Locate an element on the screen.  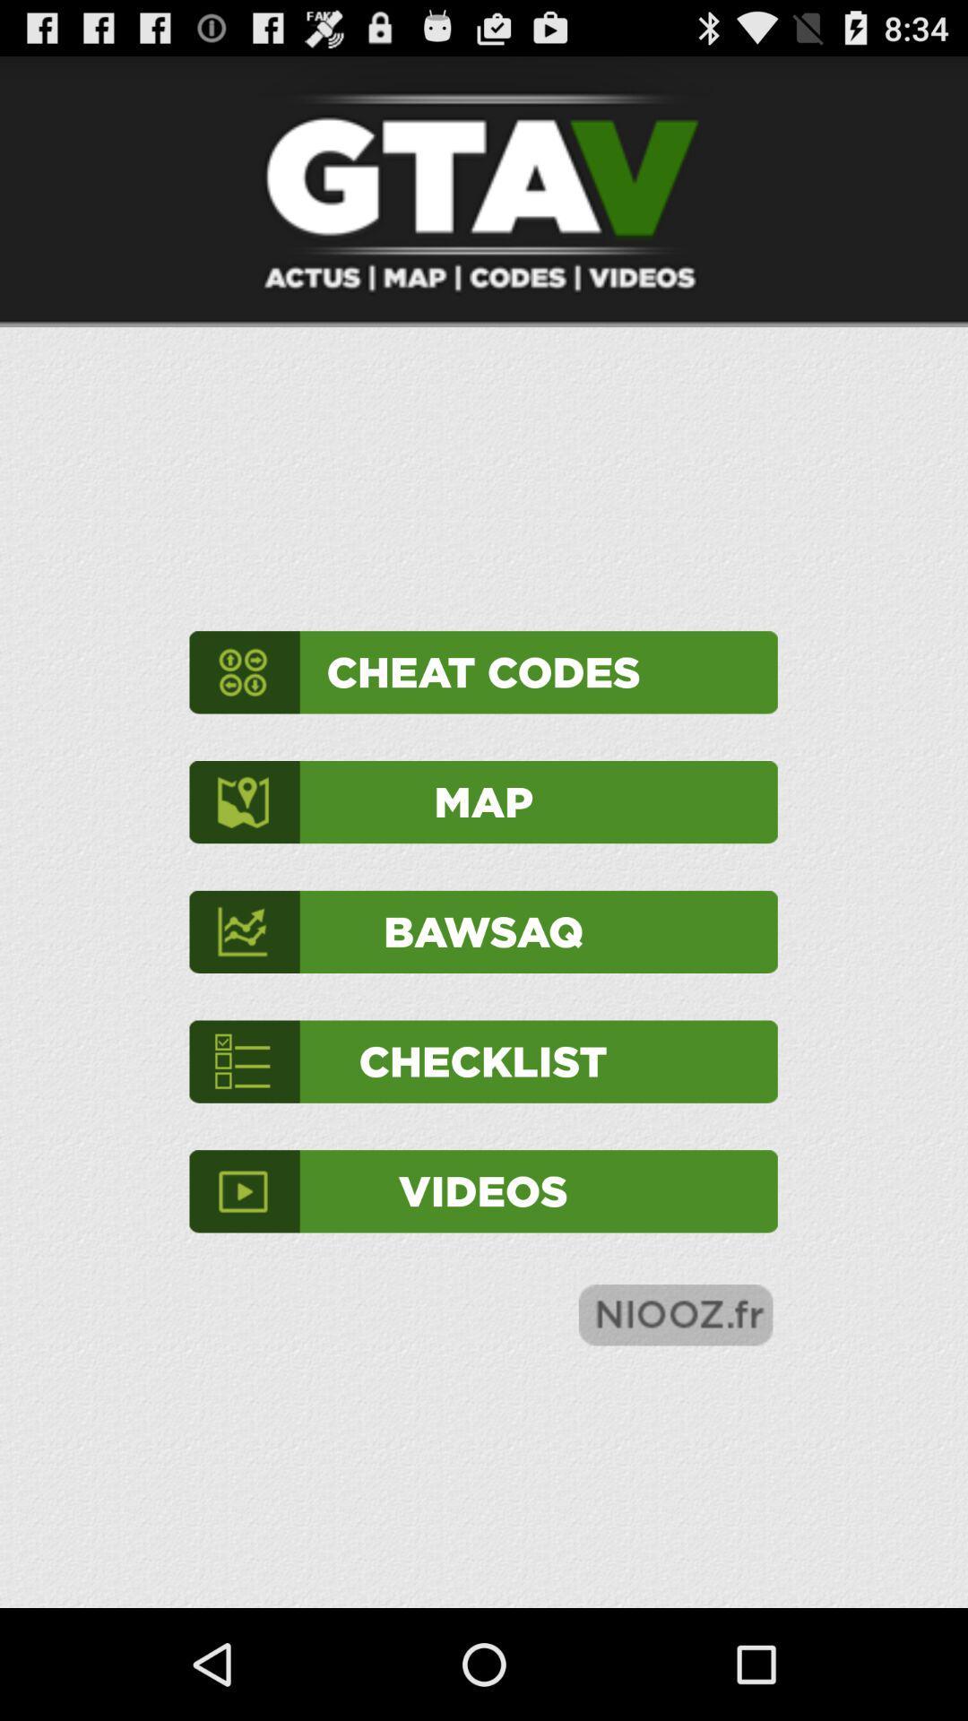
map icon is located at coordinates (482, 801).